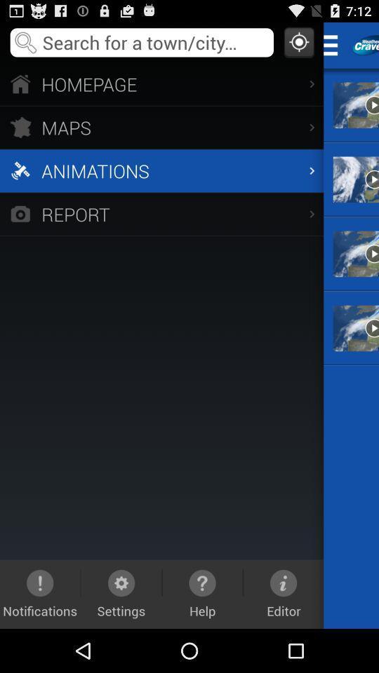 The width and height of the screenshot is (379, 673). Describe the element at coordinates (298, 41) in the screenshot. I see `location gps option` at that location.